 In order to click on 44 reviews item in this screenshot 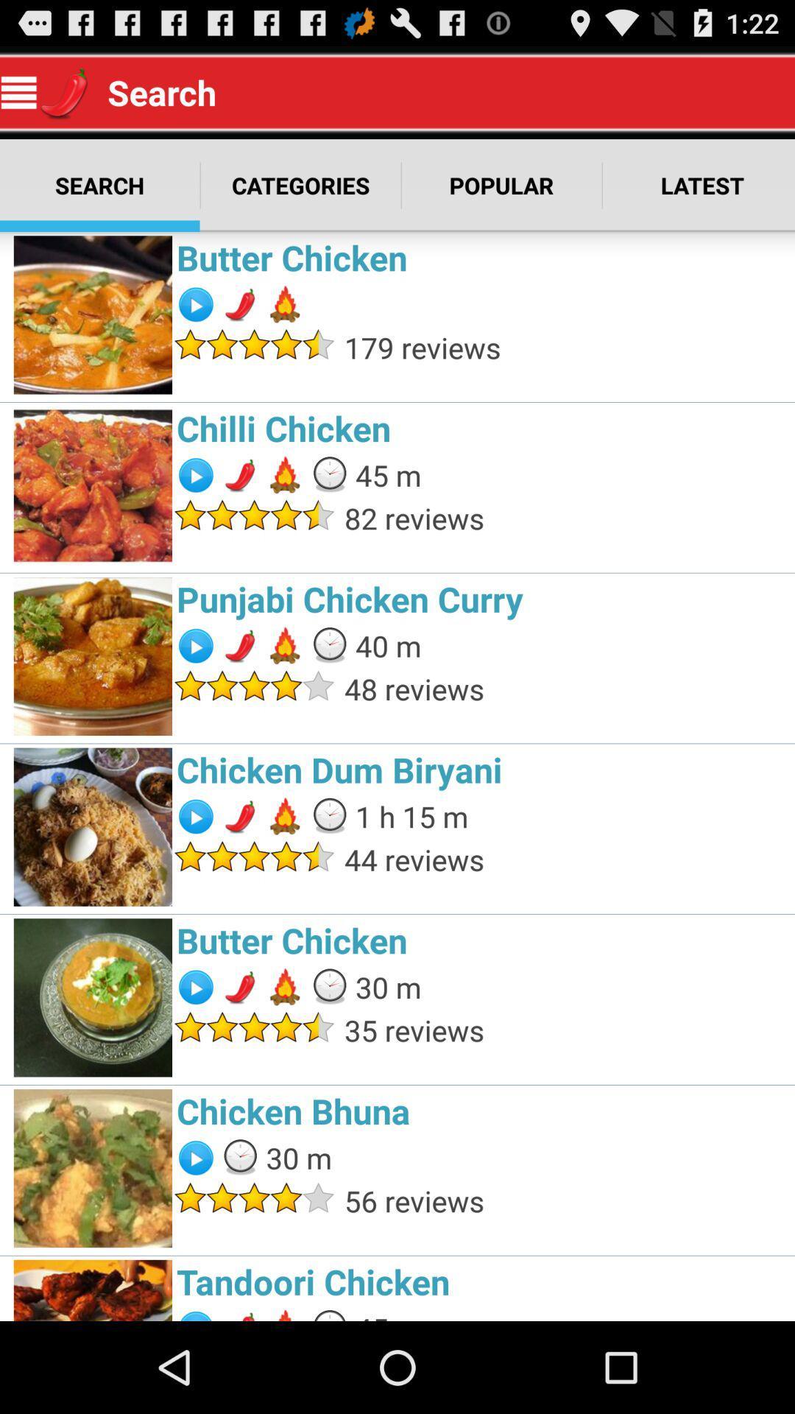, I will do `click(565, 859)`.